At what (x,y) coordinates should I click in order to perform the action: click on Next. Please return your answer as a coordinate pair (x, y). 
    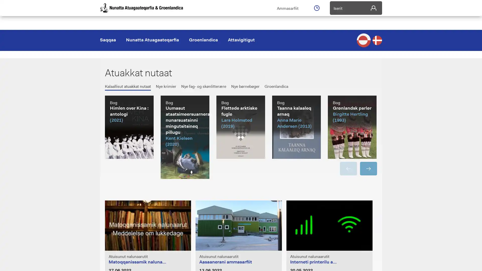
    Looking at the image, I should click on (369, 168).